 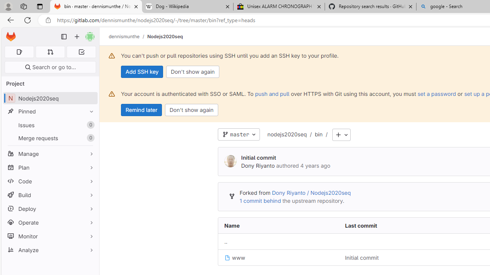 I want to click on 'Code', so click(x=50, y=181).